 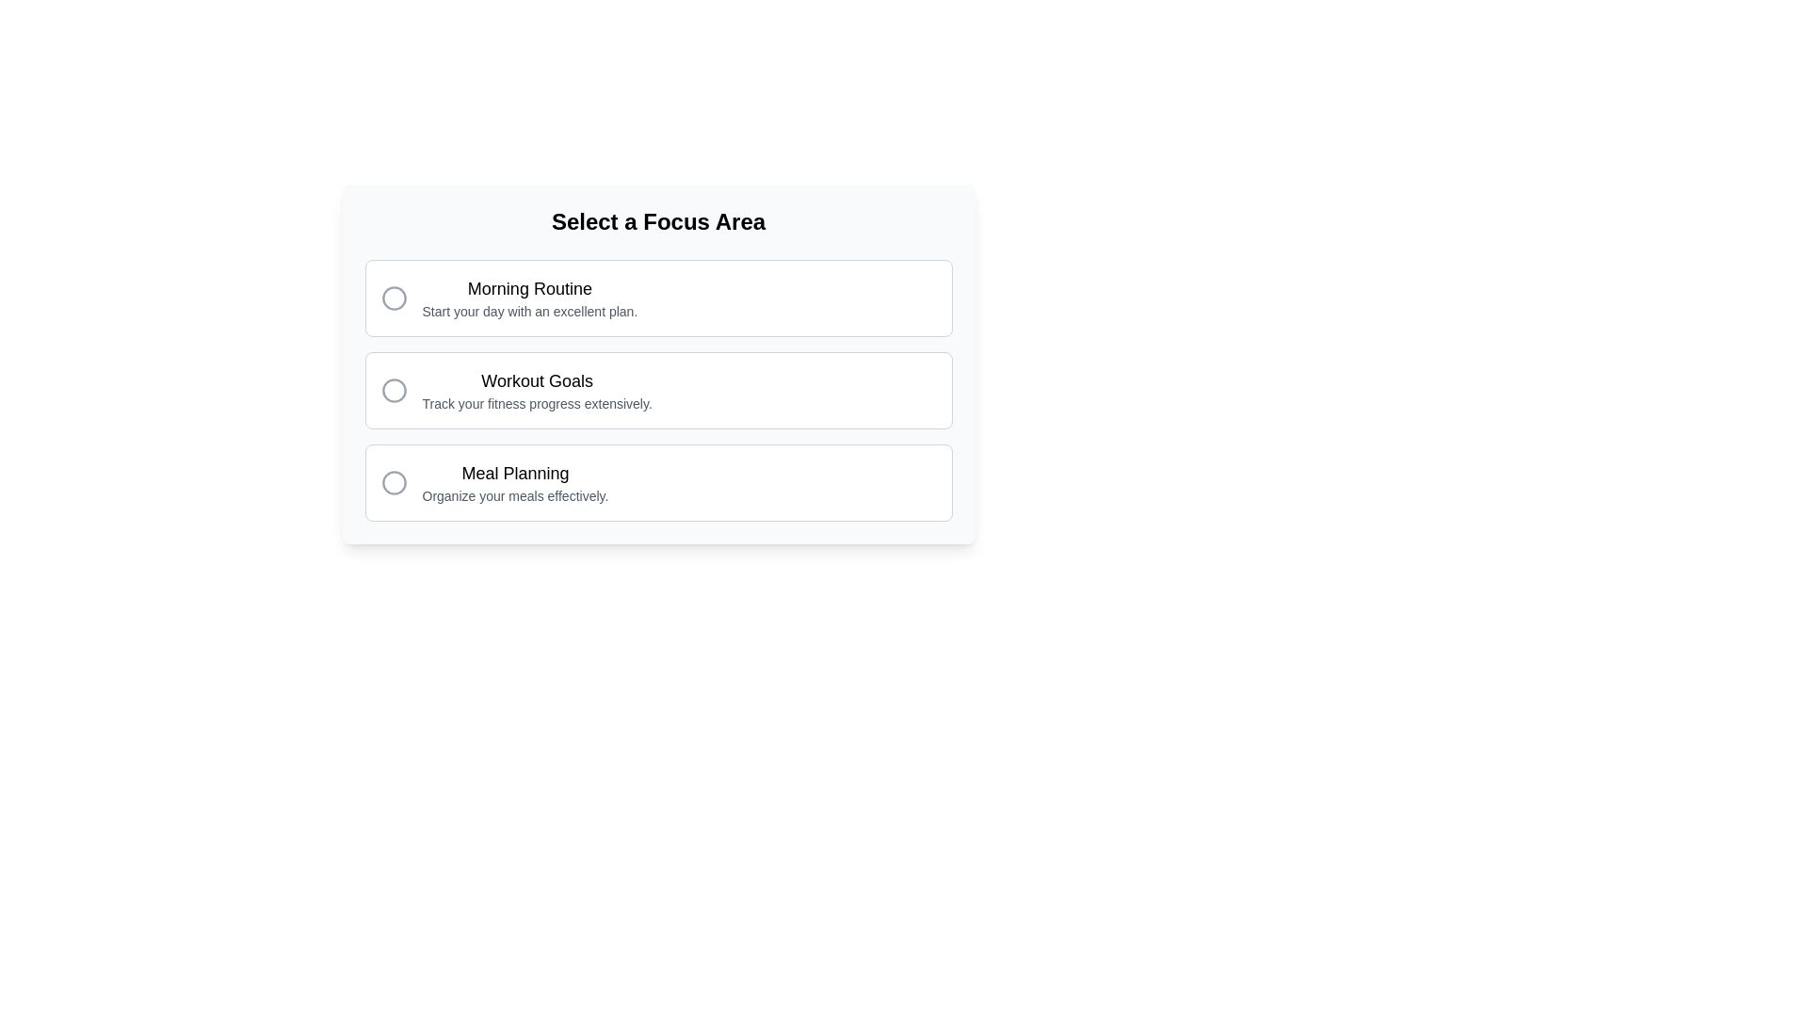 I want to click on the descriptive text label located below the 'Meal Planning' heading in the third section of the selection list, so click(x=515, y=495).